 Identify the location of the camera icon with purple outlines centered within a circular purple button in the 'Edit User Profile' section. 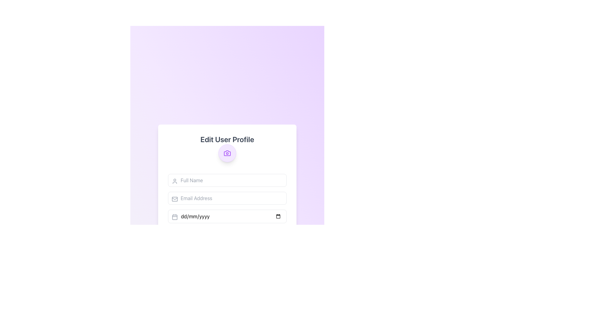
(227, 153).